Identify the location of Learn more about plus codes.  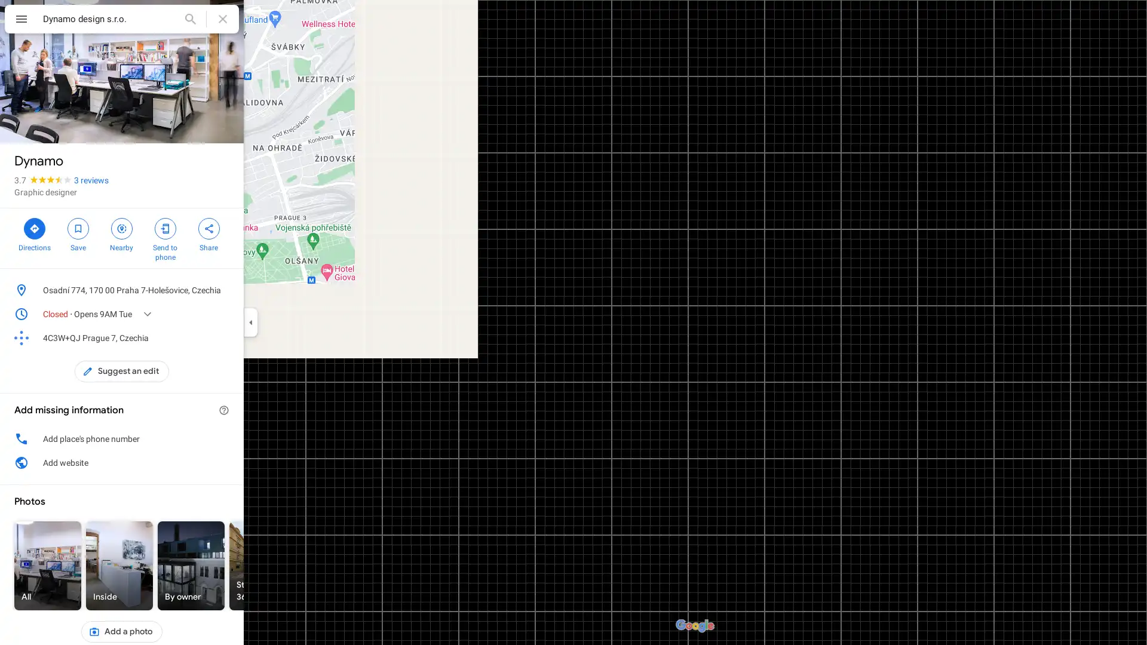
(223, 338).